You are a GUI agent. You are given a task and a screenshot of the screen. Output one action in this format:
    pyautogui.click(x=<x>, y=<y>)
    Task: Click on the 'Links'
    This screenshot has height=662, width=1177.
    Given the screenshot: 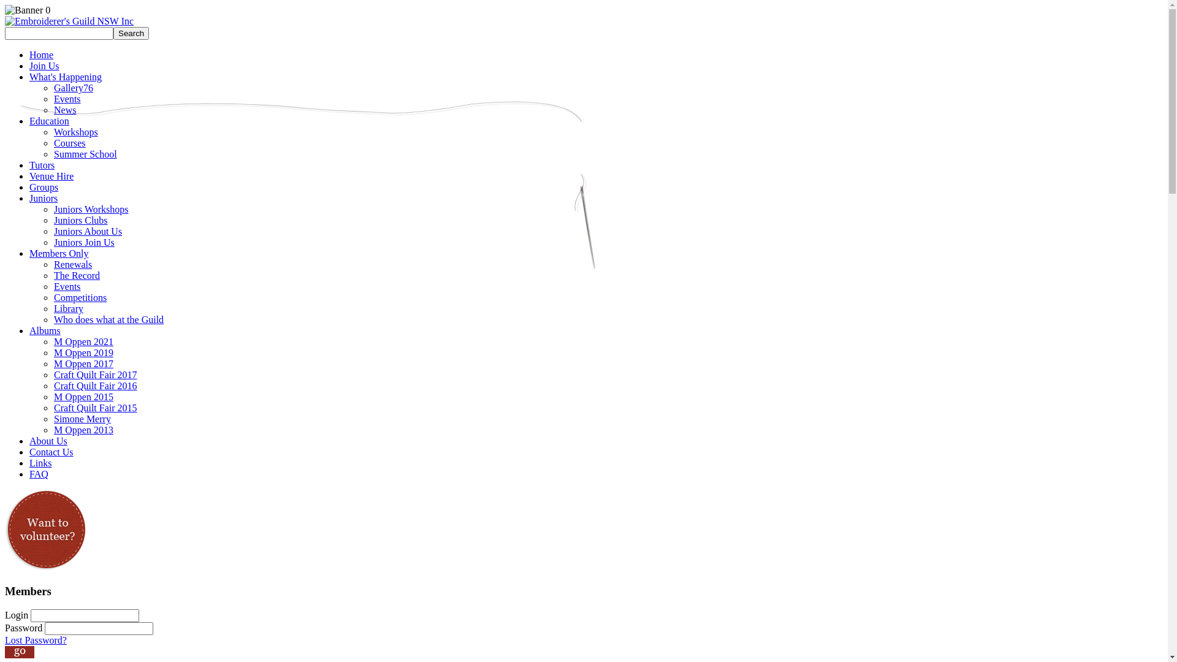 What is the action you would take?
    pyautogui.click(x=40, y=463)
    